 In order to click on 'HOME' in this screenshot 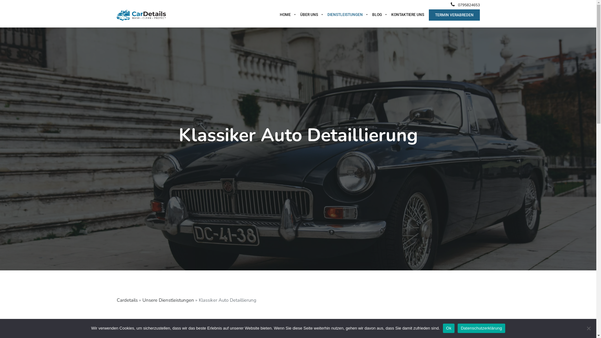, I will do `click(285, 14)`.